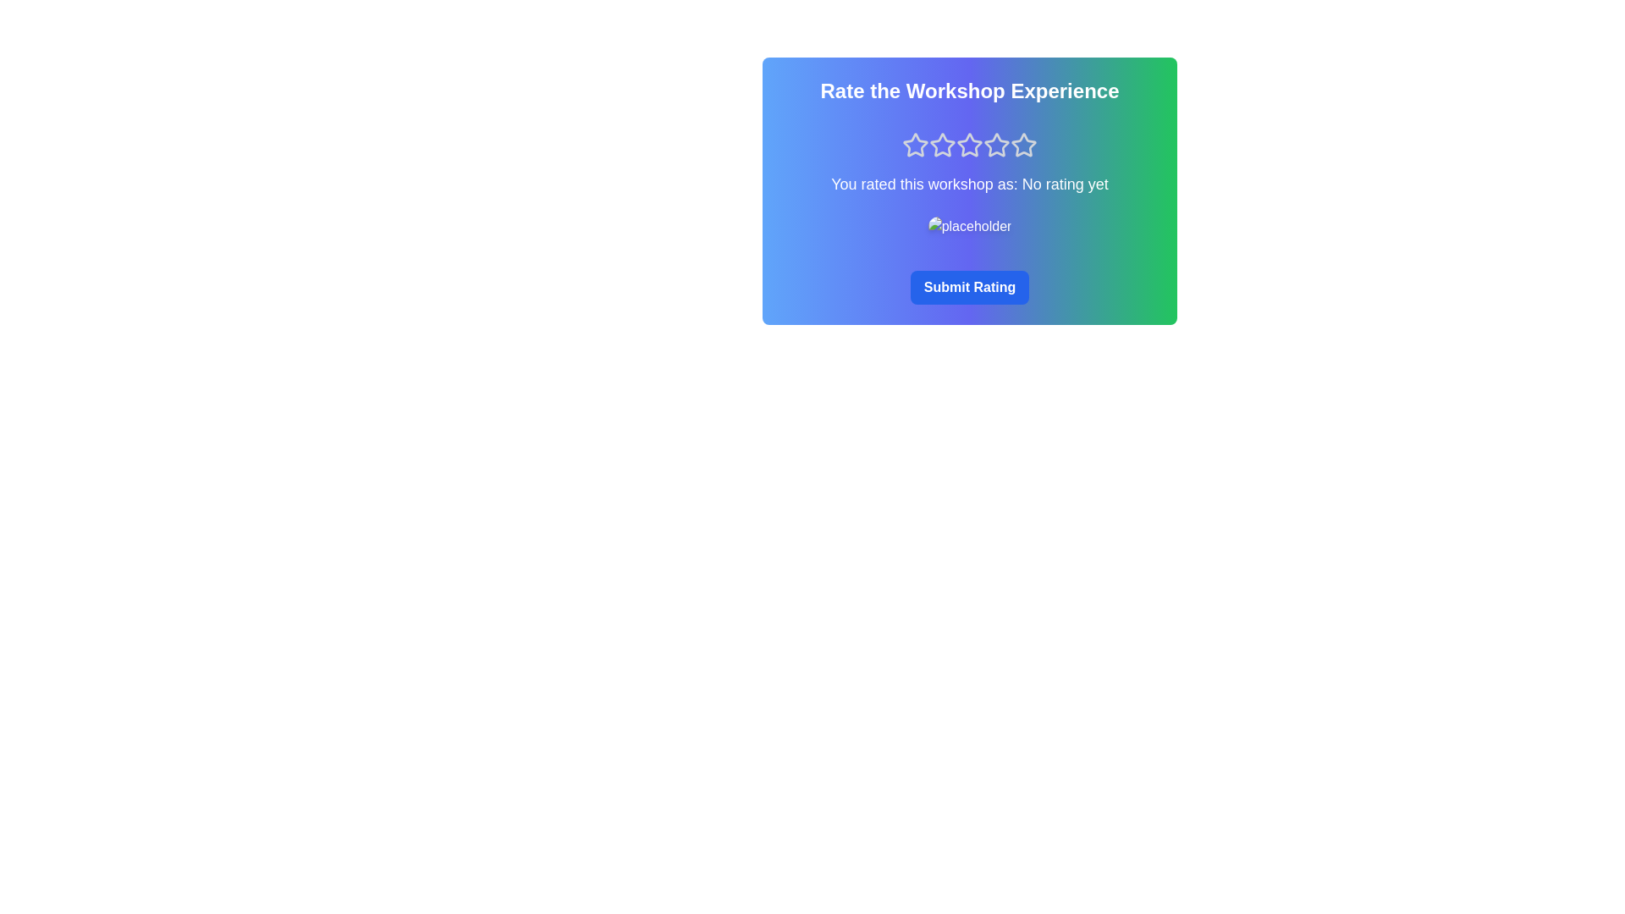  What do you see at coordinates (996, 145) in the screenshot?
I see `the rating to 4 stars by clicking the corresponding star` at bounding box center [996, 145].